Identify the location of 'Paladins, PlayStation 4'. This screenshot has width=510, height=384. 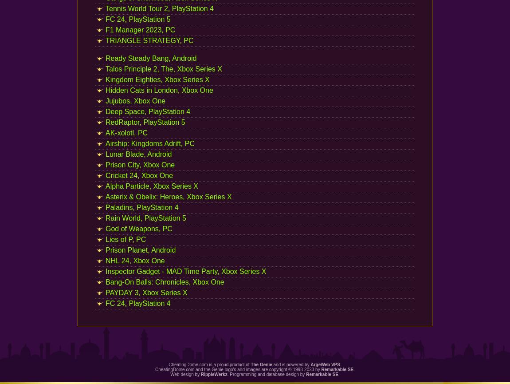
(105, 207).